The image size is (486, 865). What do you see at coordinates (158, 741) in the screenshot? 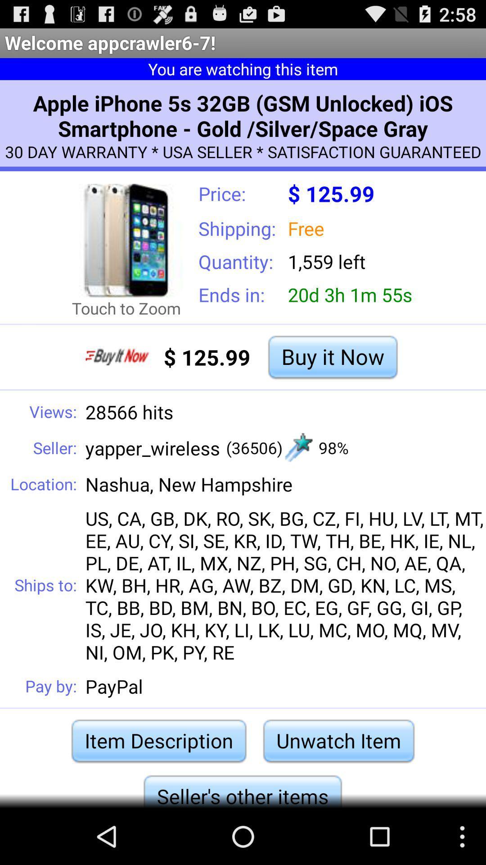
I see `the icon to the left of unwatch item item` at bounding box center [158, 741].